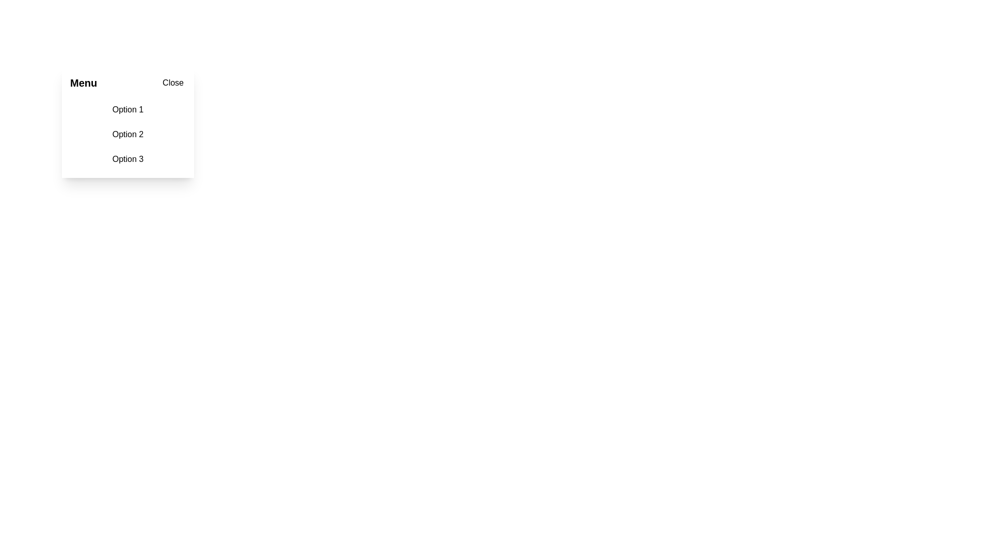 Image resolution: width=991 pixels, height=557 pixels. What do you see at coordinates (127, 134) in the screenshot?
I see `the 'Option 2' menu item` at bounding box center [127, 134].